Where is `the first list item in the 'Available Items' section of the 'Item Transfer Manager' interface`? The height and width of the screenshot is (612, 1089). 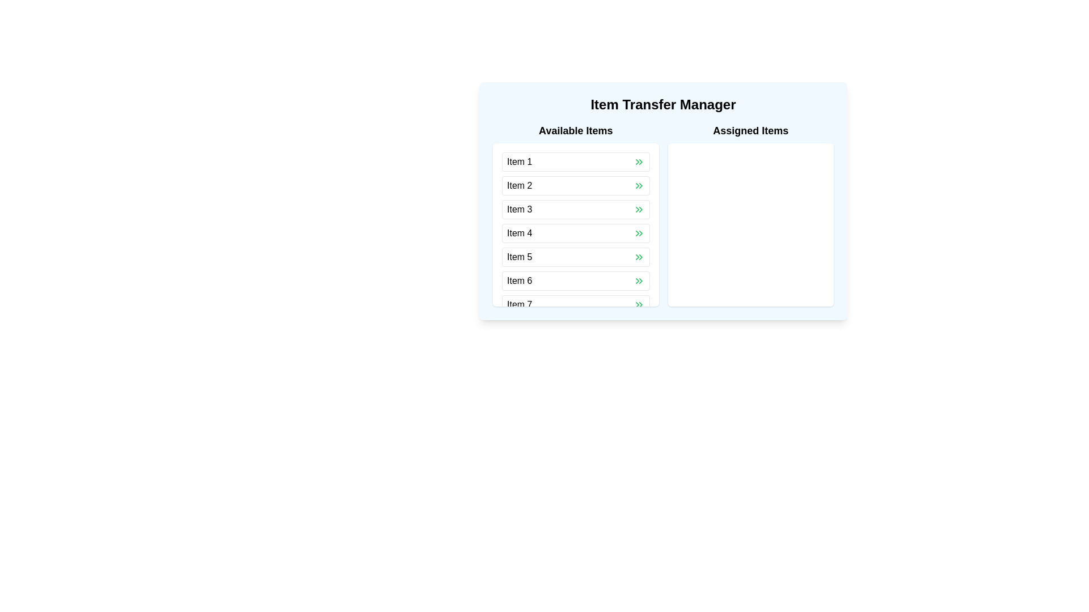 the first list item in the 'Available Items' section of the 'Item Transfer Manager' interface is located at coordinates (576, 161).